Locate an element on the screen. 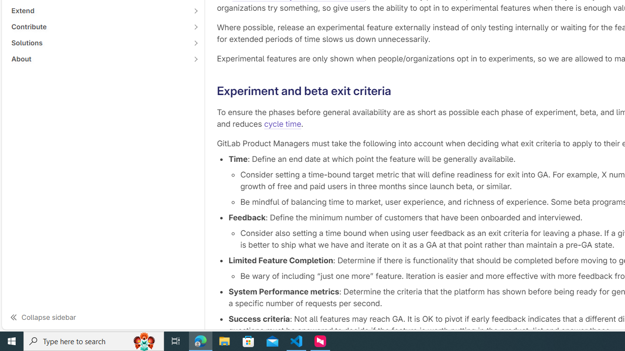 The height and width of the screenshot is (351, 625). 'Extend' is located at coordinates (98, 10).